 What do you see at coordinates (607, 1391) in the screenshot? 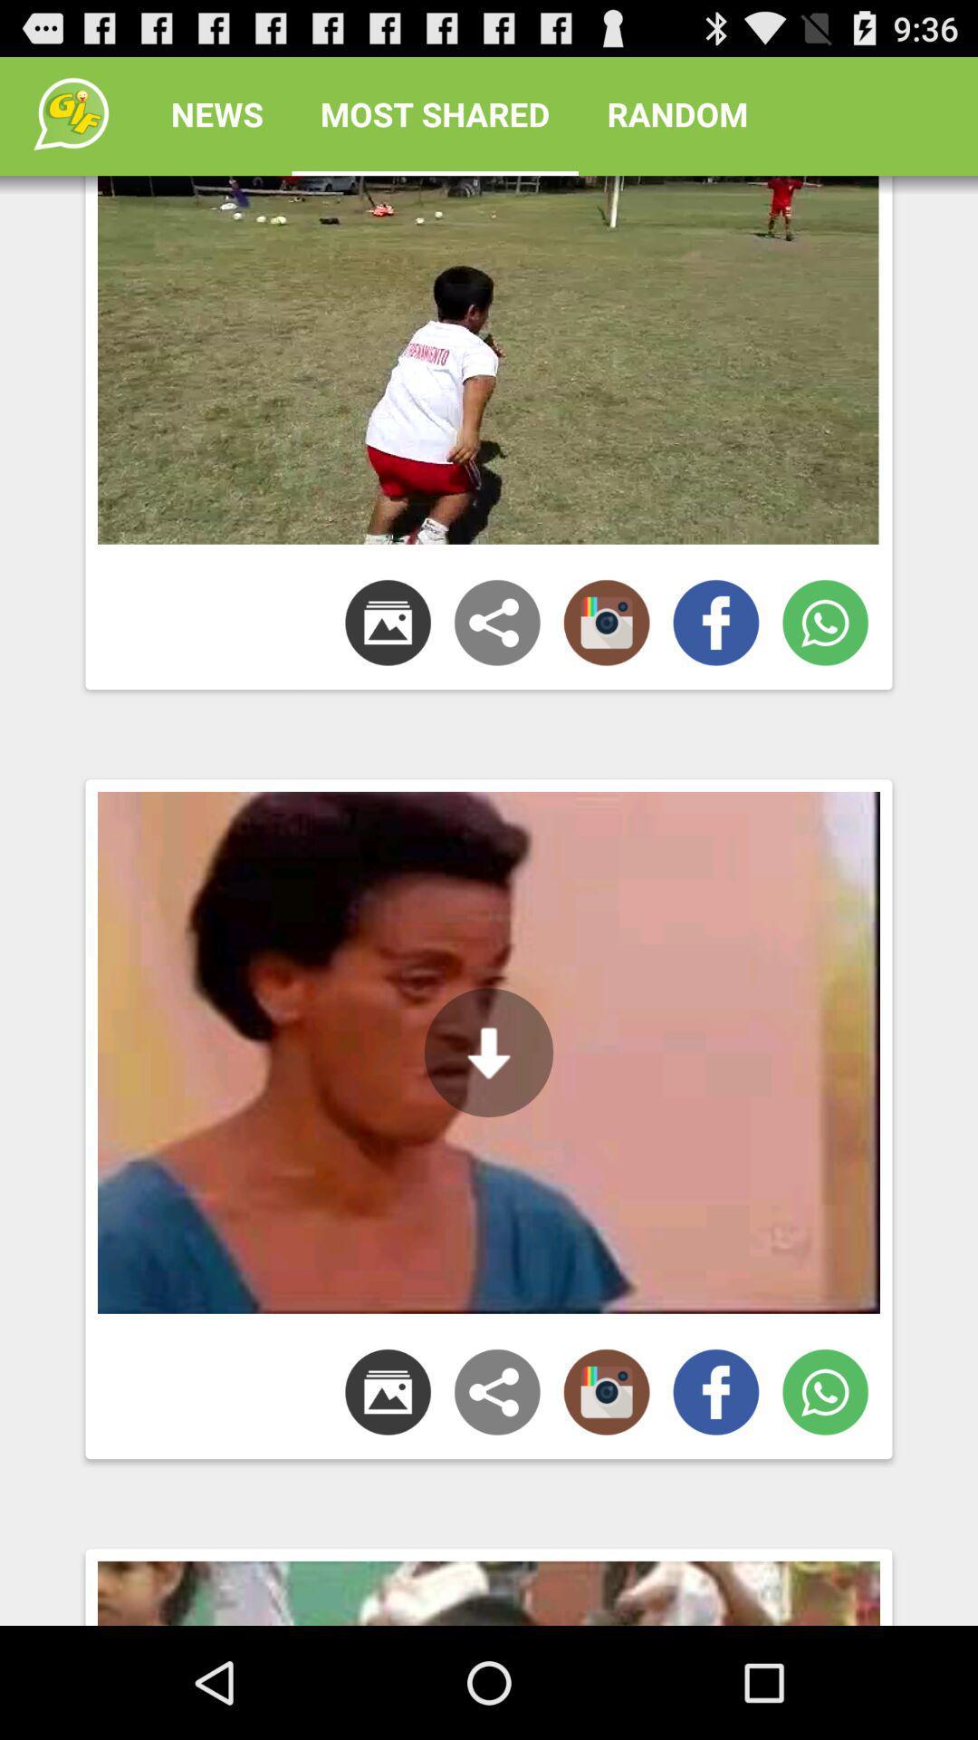
I see `the first instagram icon beside the facebook icon from the bottom of the web page` at bounding box center [607, 1391].